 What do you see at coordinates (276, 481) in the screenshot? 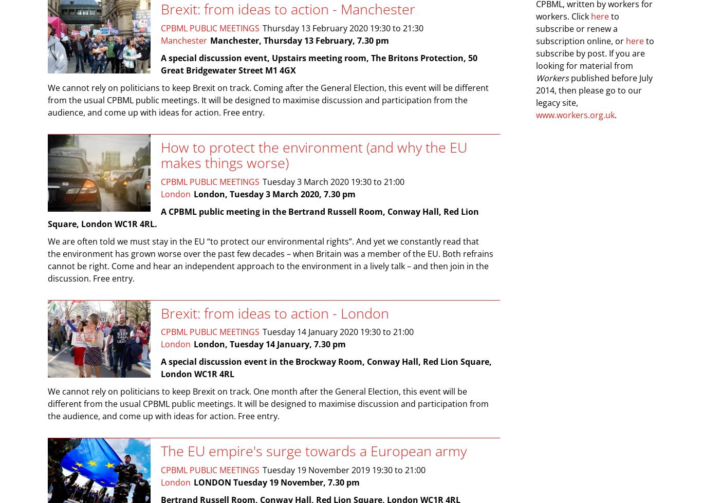
I see `'LONDON Tuesday 19 November, 7.30 pm'` at bounding box center [276, 481].